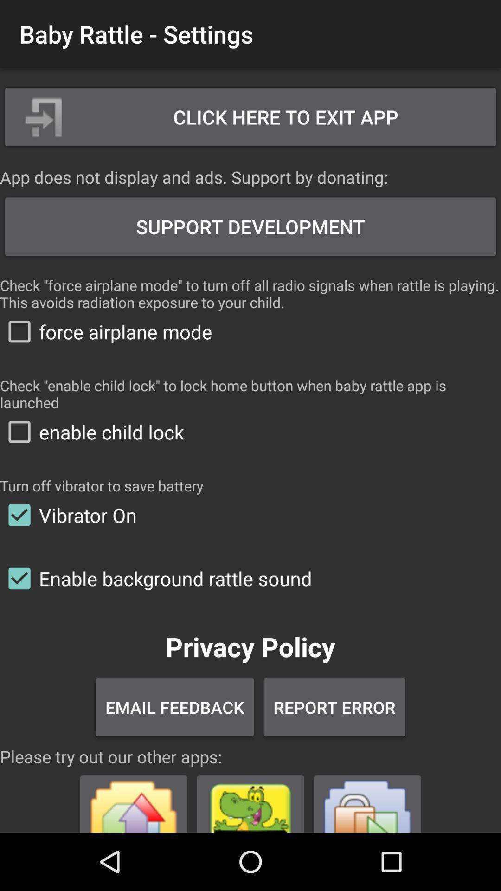 The image size is (501, 891). I want to click on open new app, so click(134, 800).